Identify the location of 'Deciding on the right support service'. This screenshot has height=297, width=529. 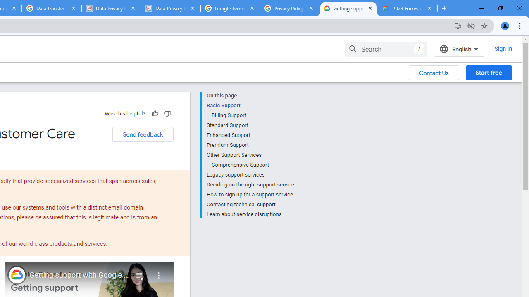
(250, 184).